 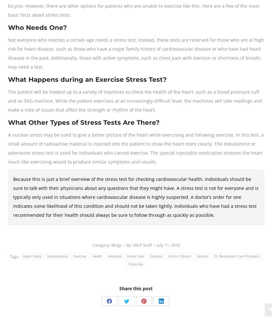 What do you see at coordinates (7, 100) in the screenshot?
I see `'The patient will be hooked up to a variety of machines to check the health of the heart, such as a blood pressure cuff and an EKG machine. While the patient exercises at an increasingly difficult level, the machines will take readings and make a note of issues that affect the strength or rhythm of the heart.'` at bounding box center [7, 100].